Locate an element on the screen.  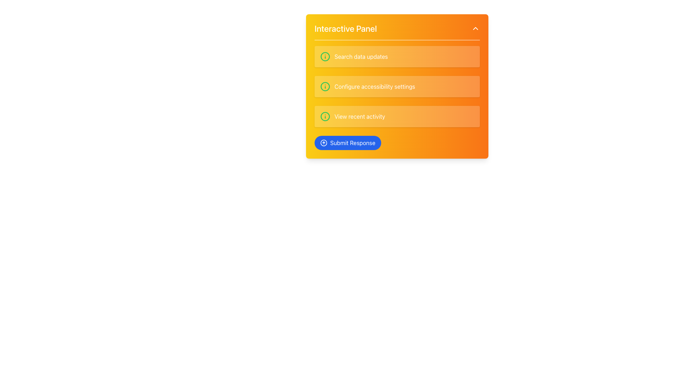
the Text Label with Icon that guides users towards configuring accessibility settings, located in the 'Interactive Panel' below 'Search data updates' and above 'View recent activity' is located at coordinates (397, 98).